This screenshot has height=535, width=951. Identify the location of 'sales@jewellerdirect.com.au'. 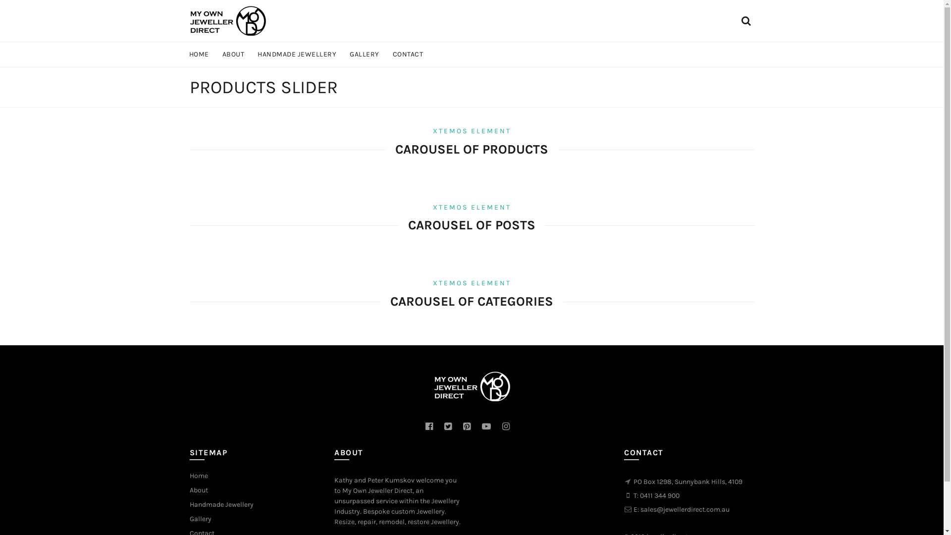
(684, 509).